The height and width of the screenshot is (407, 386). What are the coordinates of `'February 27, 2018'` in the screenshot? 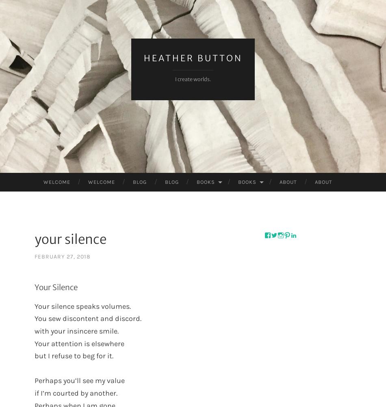 It's located at (62, 256).